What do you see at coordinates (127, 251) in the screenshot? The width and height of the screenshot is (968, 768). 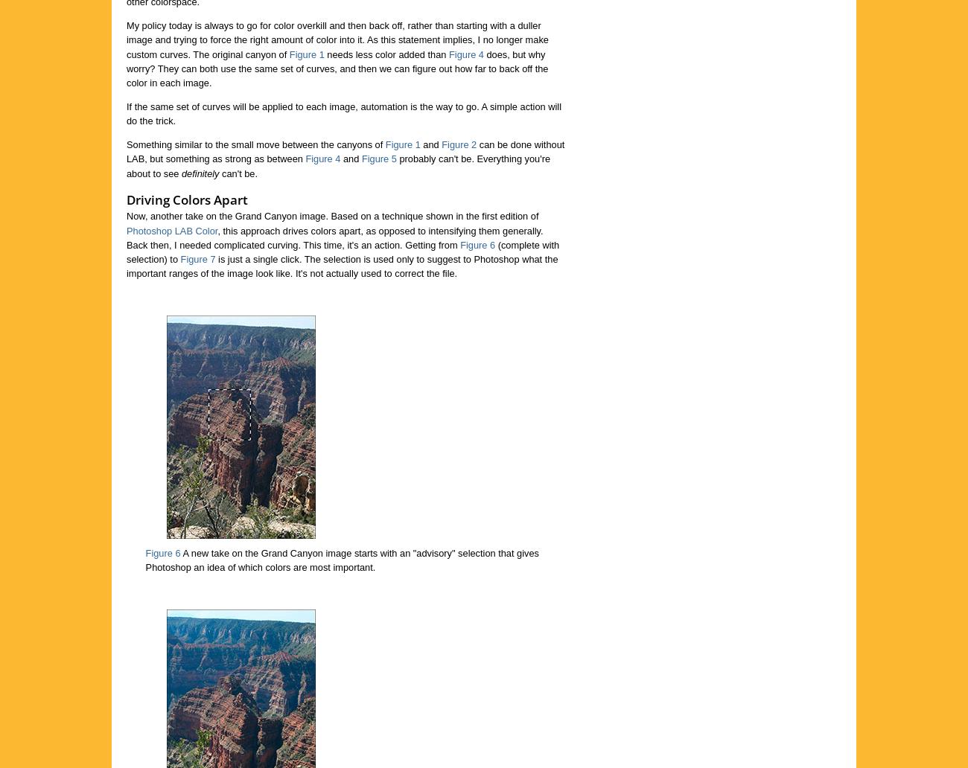 I see `'(complete with selection) to'` at bounding box center [127, 251].